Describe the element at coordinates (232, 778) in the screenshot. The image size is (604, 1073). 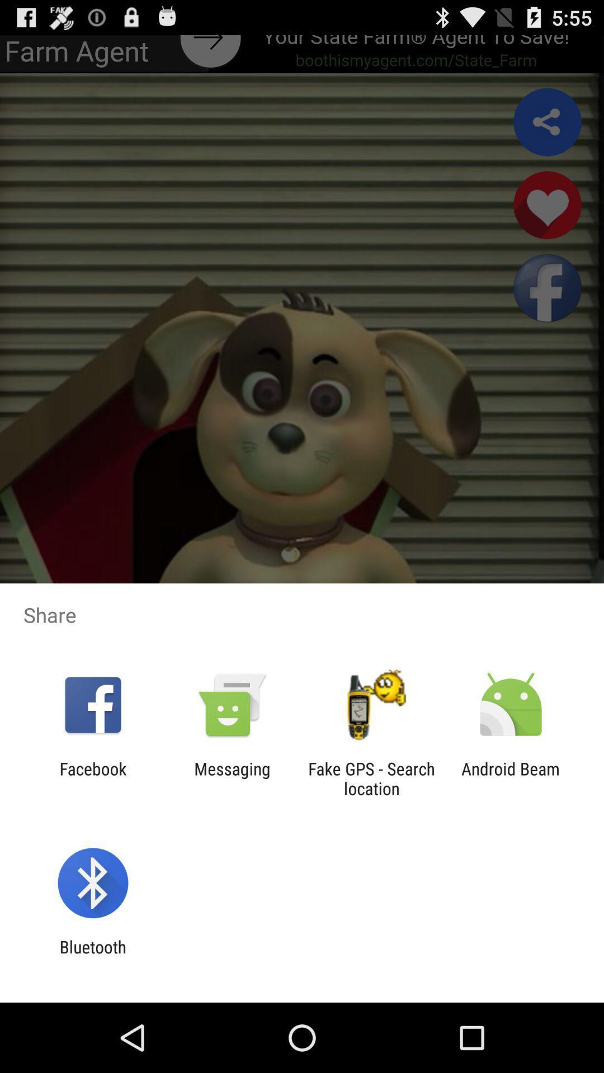
I see `icon next to the fake gps search icon` at that location.